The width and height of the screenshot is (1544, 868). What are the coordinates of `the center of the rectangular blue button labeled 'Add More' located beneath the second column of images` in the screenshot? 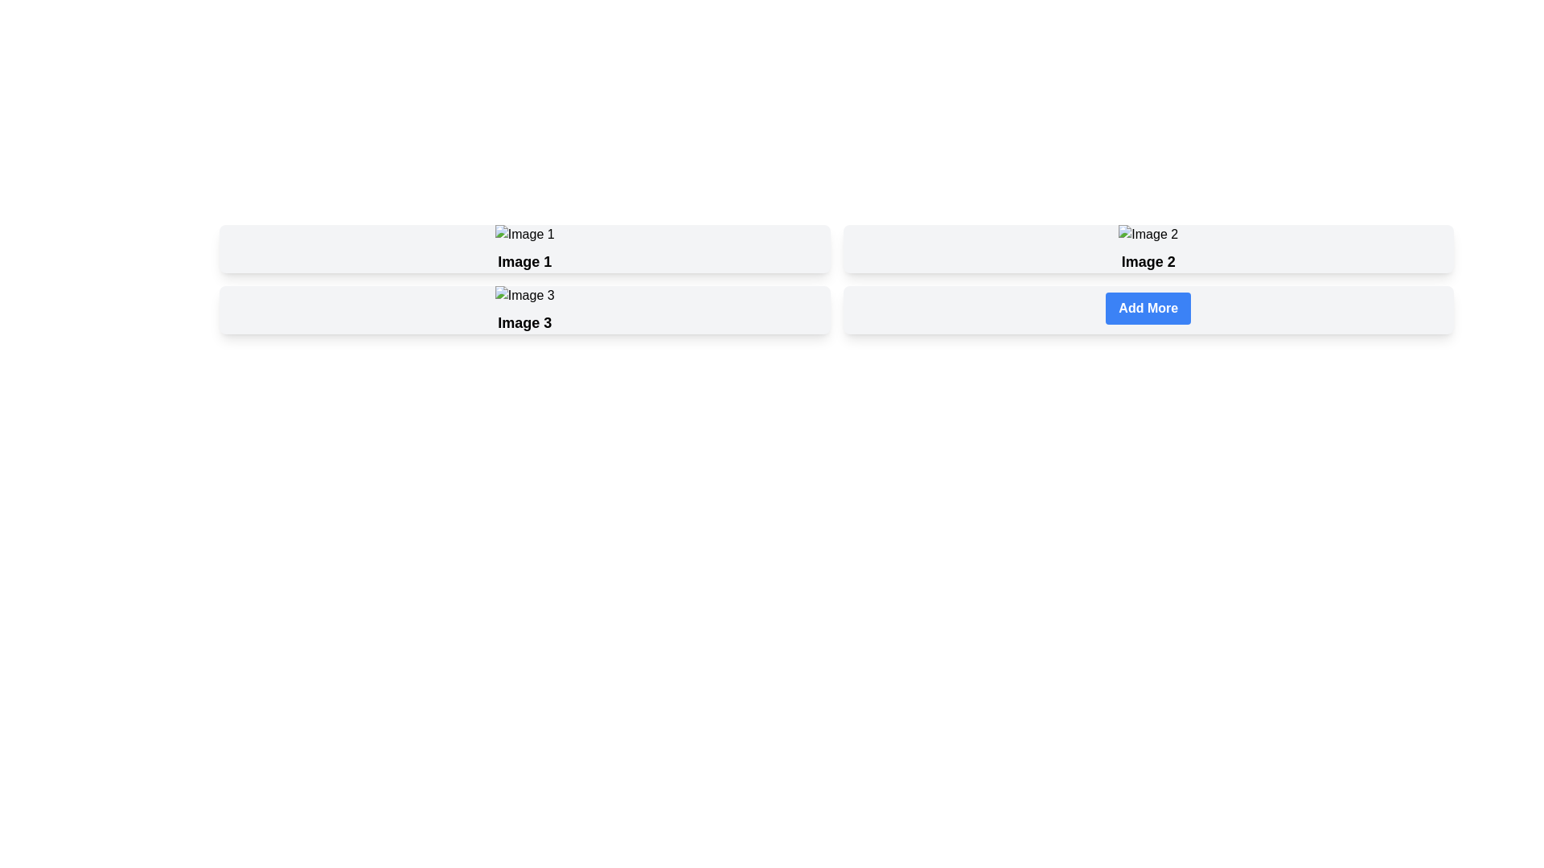 It's located at (1148, 309).